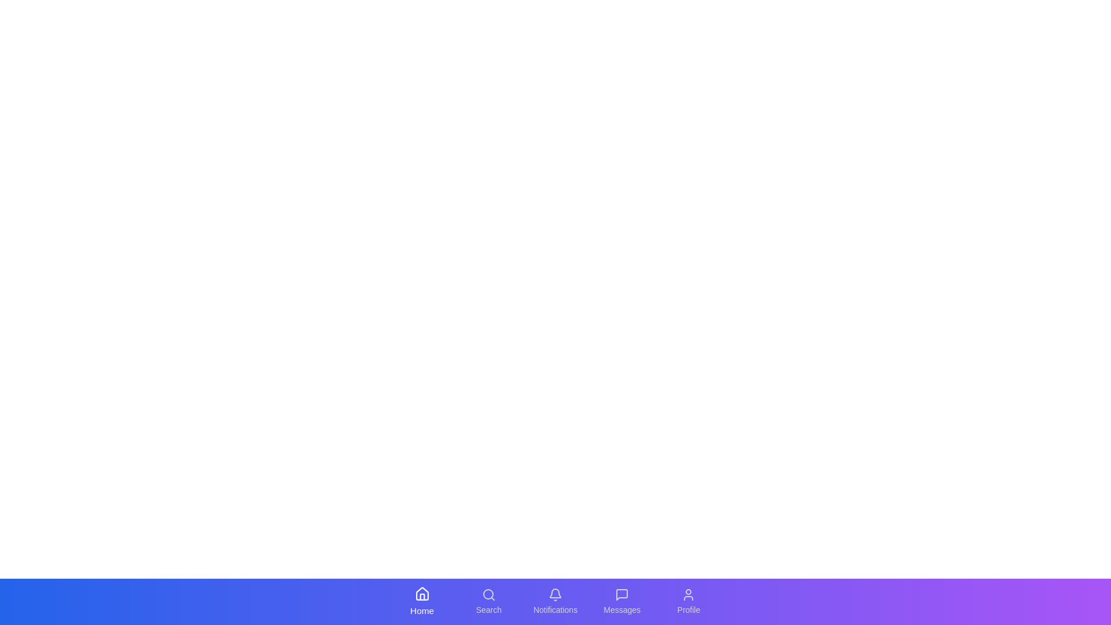 Image resolution: width=1111 pixels, height=625 pixels. Describe the element at coordinates (555, 601) in the screenshot. I see `the tab labeled Notifications in the bottom navigation bar` at that location.